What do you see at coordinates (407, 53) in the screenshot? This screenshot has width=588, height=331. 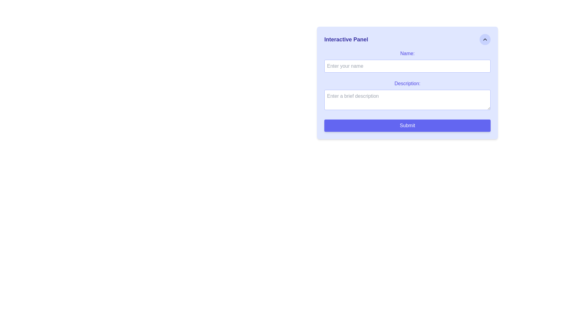 I see `label that provides context for the name input field, positioned at the top of the form interface above the input box` at bounding box center [407, 53].